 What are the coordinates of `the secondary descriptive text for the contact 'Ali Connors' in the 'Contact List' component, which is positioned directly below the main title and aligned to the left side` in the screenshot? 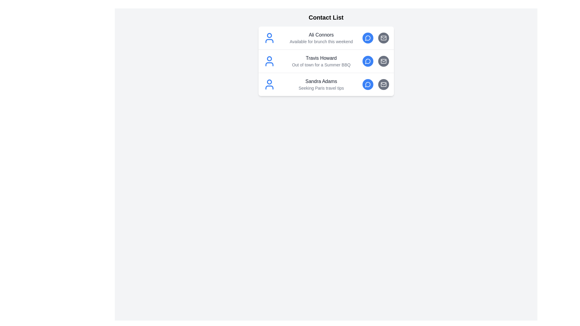 It's located at (321, 41).